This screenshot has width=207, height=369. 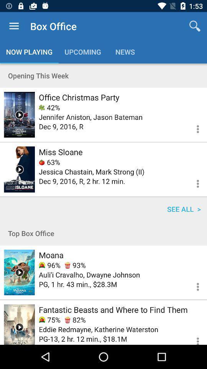 What do you see at coordinates (89, 274) in the screenshot?
I see `auli i cravalho icon` at bounding box center [89, 274].